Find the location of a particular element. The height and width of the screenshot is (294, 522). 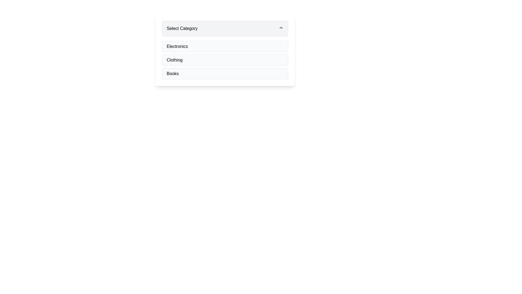

the 'Clothing' option in the dropdown menu is located at coordinates (175, 60).